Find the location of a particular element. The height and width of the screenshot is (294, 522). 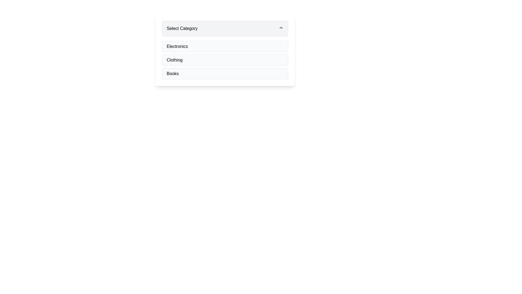

the 'Clothing' option in the dropdown menu is located at coordinates (175, 60).